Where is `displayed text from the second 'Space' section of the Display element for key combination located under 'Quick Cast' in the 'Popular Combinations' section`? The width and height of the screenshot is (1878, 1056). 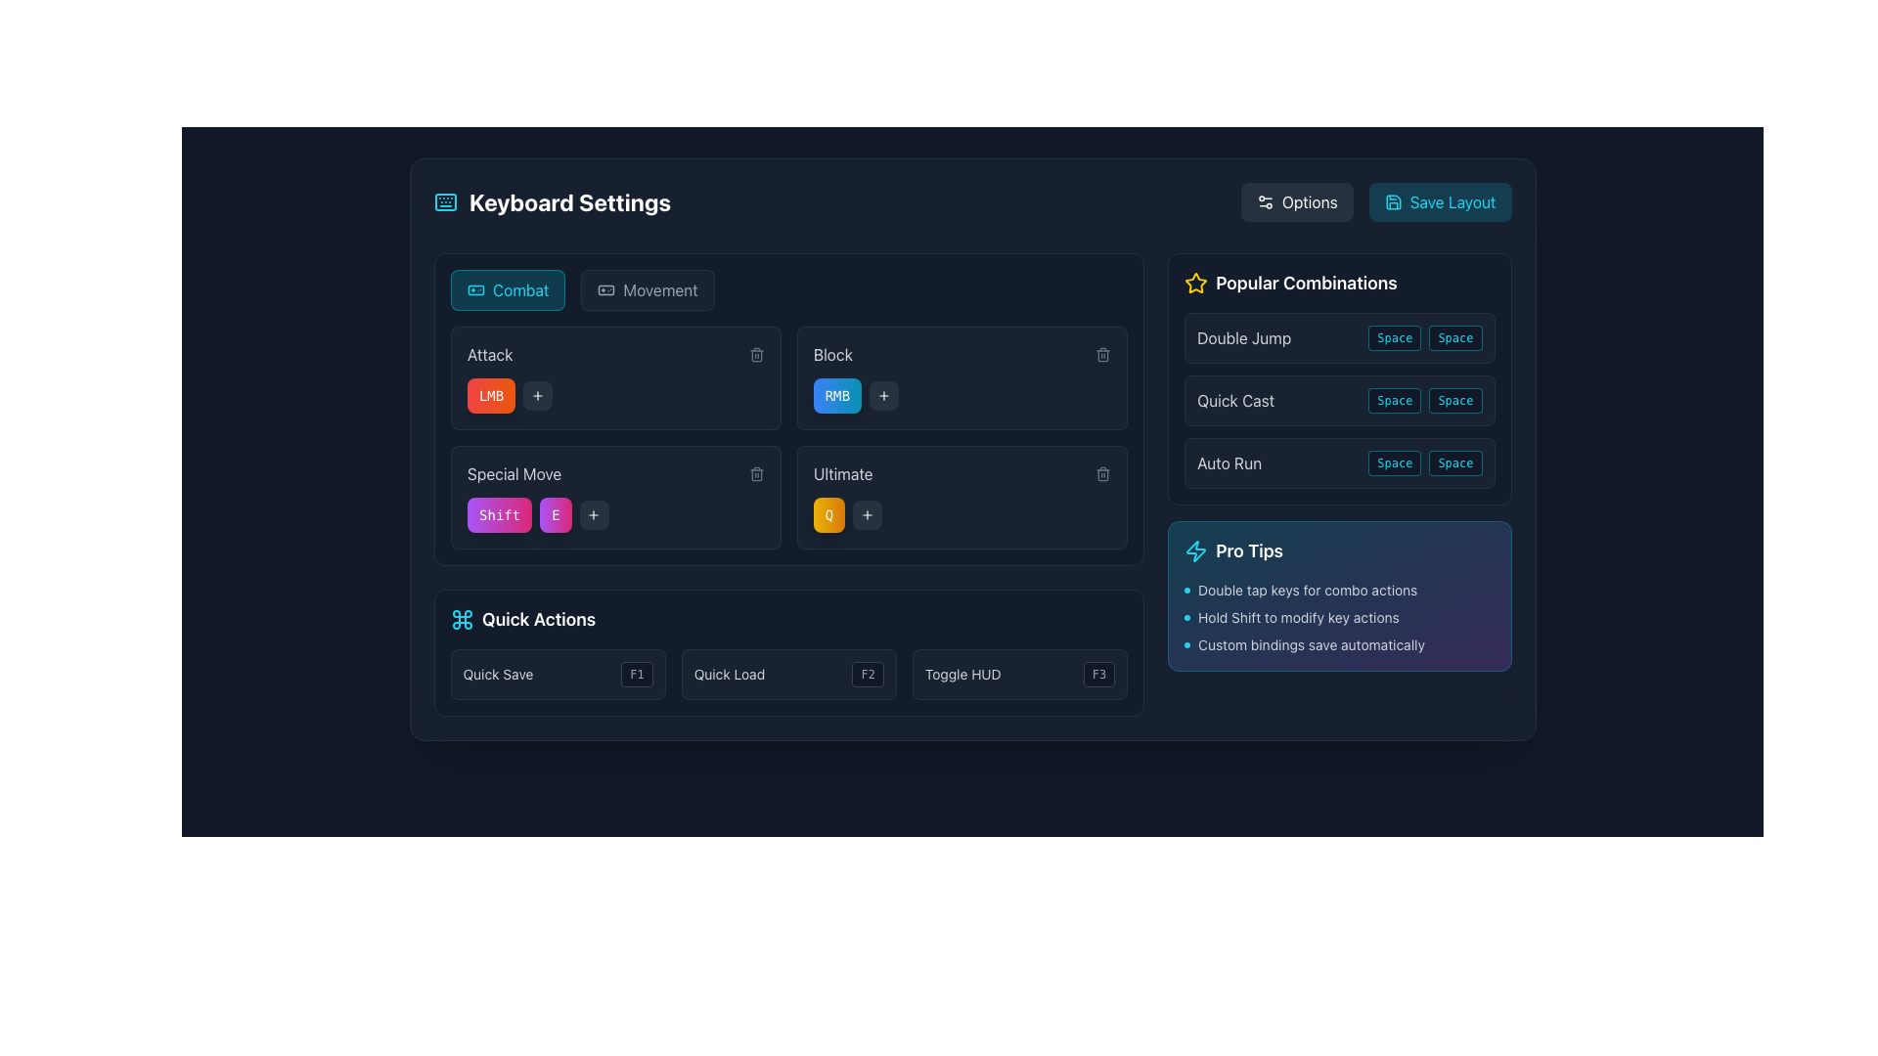 displayed text from the second 'Space' section of the Display element for key combination located under 'Quick Cast' in the 'Popular Combinations' section is located at coordinates (1425, 399).